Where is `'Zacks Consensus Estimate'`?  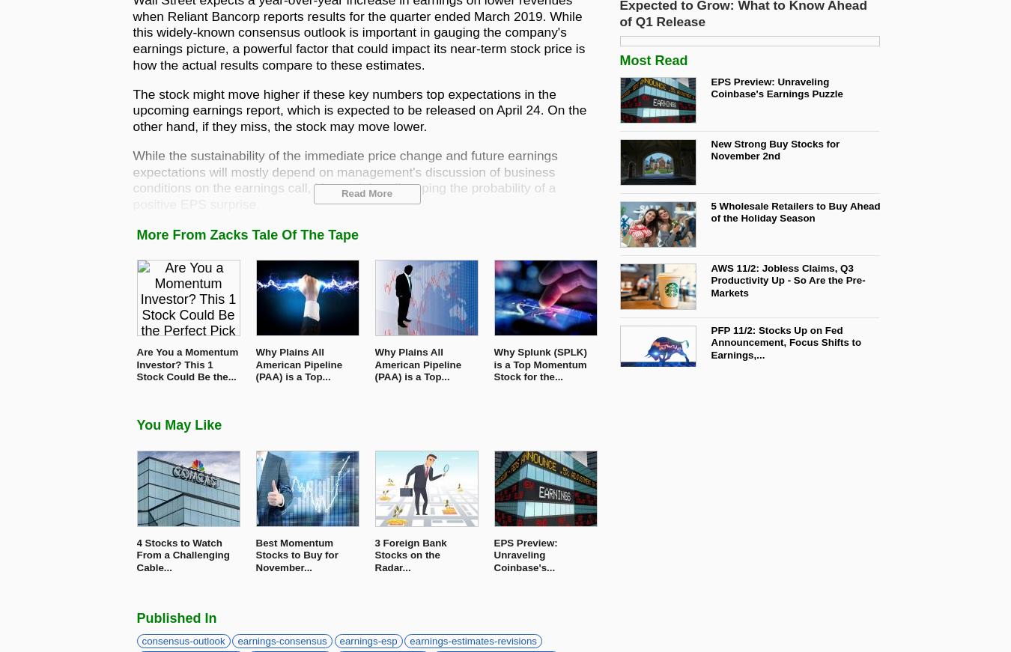
'Zacks Consensus Estimate' is located at coordinates (216, 232).